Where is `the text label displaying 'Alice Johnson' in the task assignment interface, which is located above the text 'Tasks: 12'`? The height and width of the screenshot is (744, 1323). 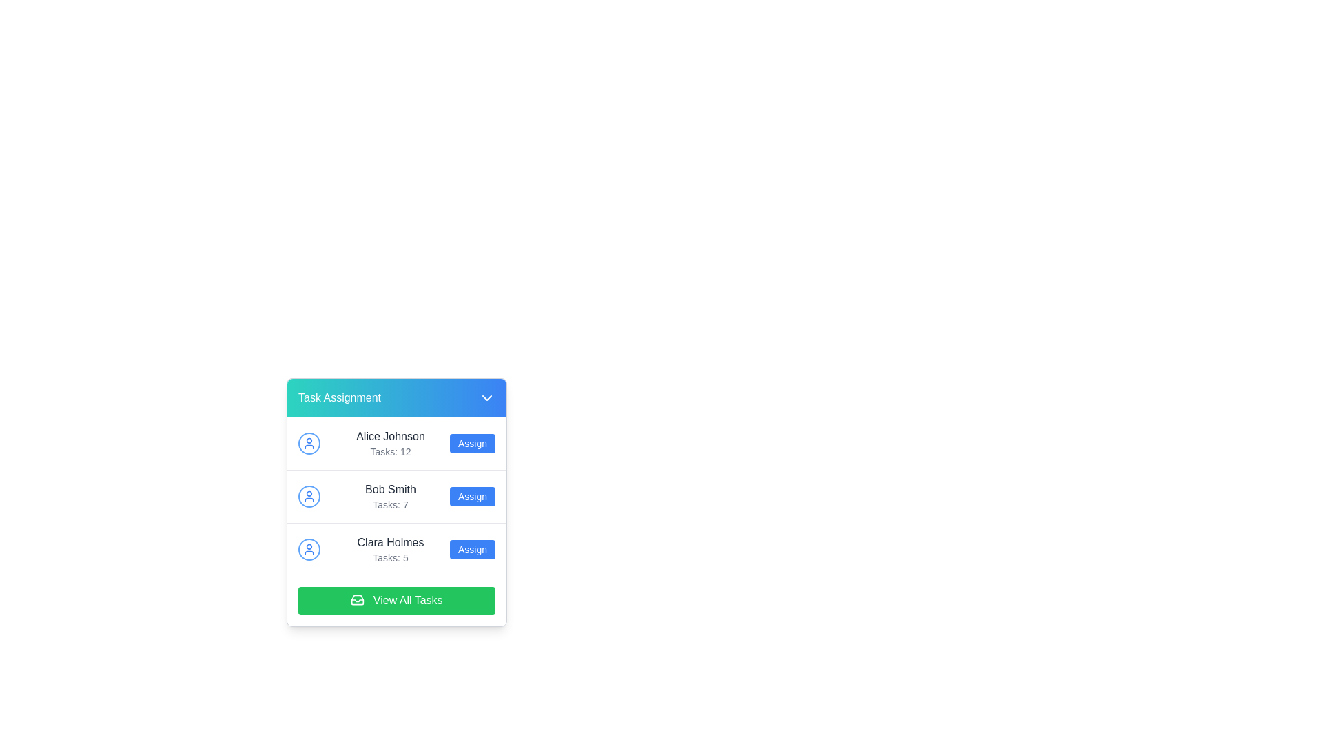 the text label displaying 'Alice Johnson' in the task assignment interface, which is located above the text 'Tasks: 12' is located at coordinates (389, 436).